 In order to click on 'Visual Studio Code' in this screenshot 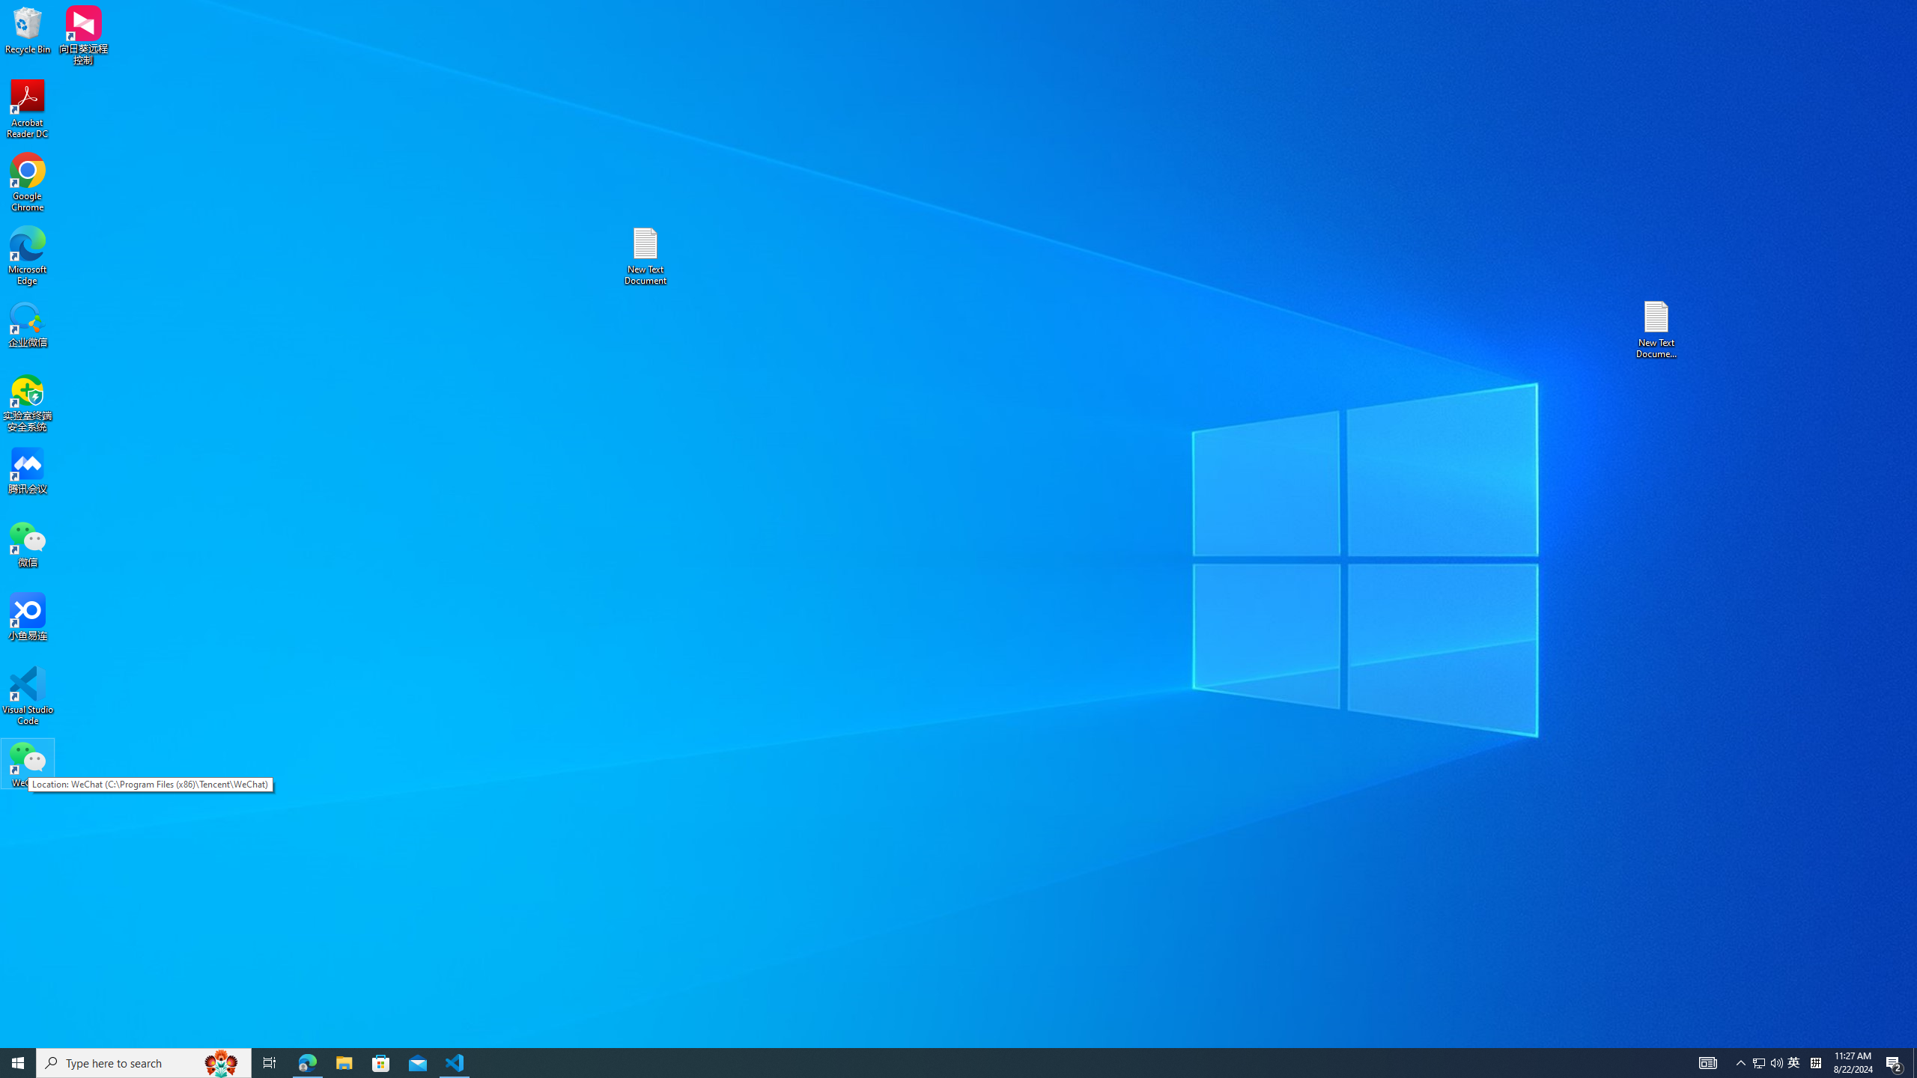, I will do `click(27, 695)`.